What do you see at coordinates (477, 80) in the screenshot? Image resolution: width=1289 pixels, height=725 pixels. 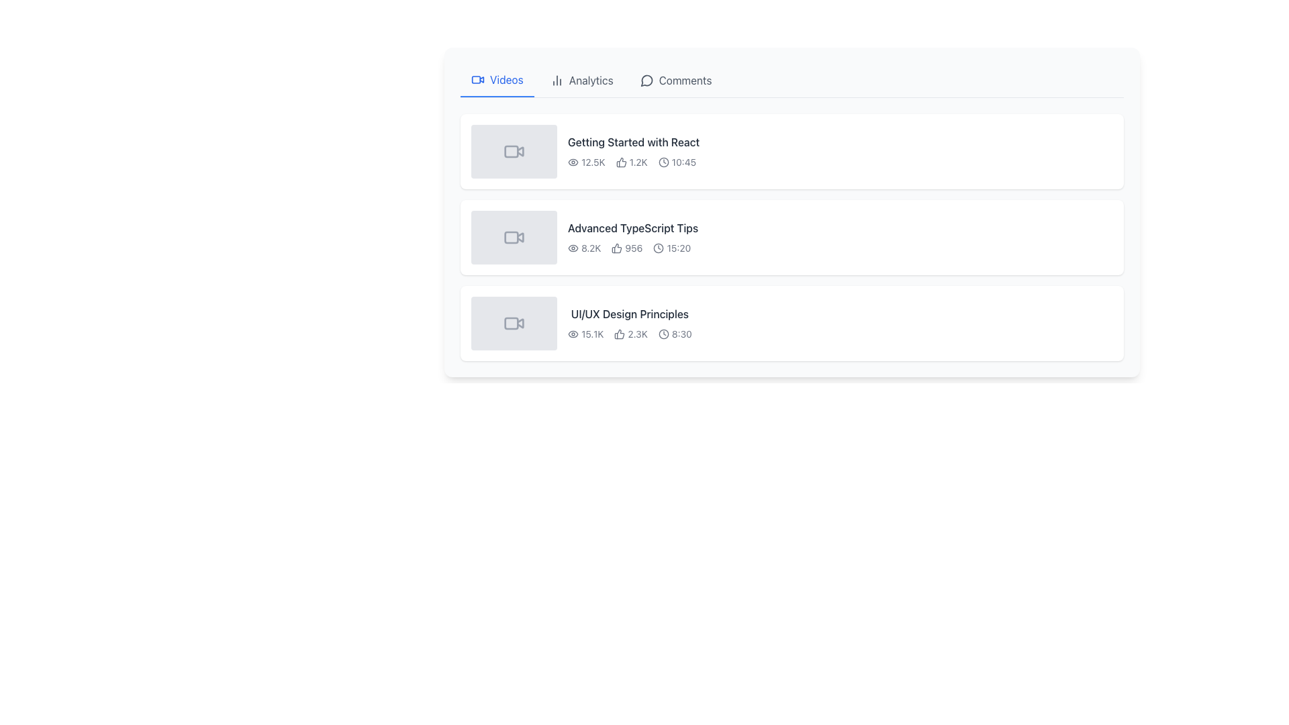 I see `the video camera icon located to the left of the 'Videos' text label in the tab header` at bounding box center [477, 80].